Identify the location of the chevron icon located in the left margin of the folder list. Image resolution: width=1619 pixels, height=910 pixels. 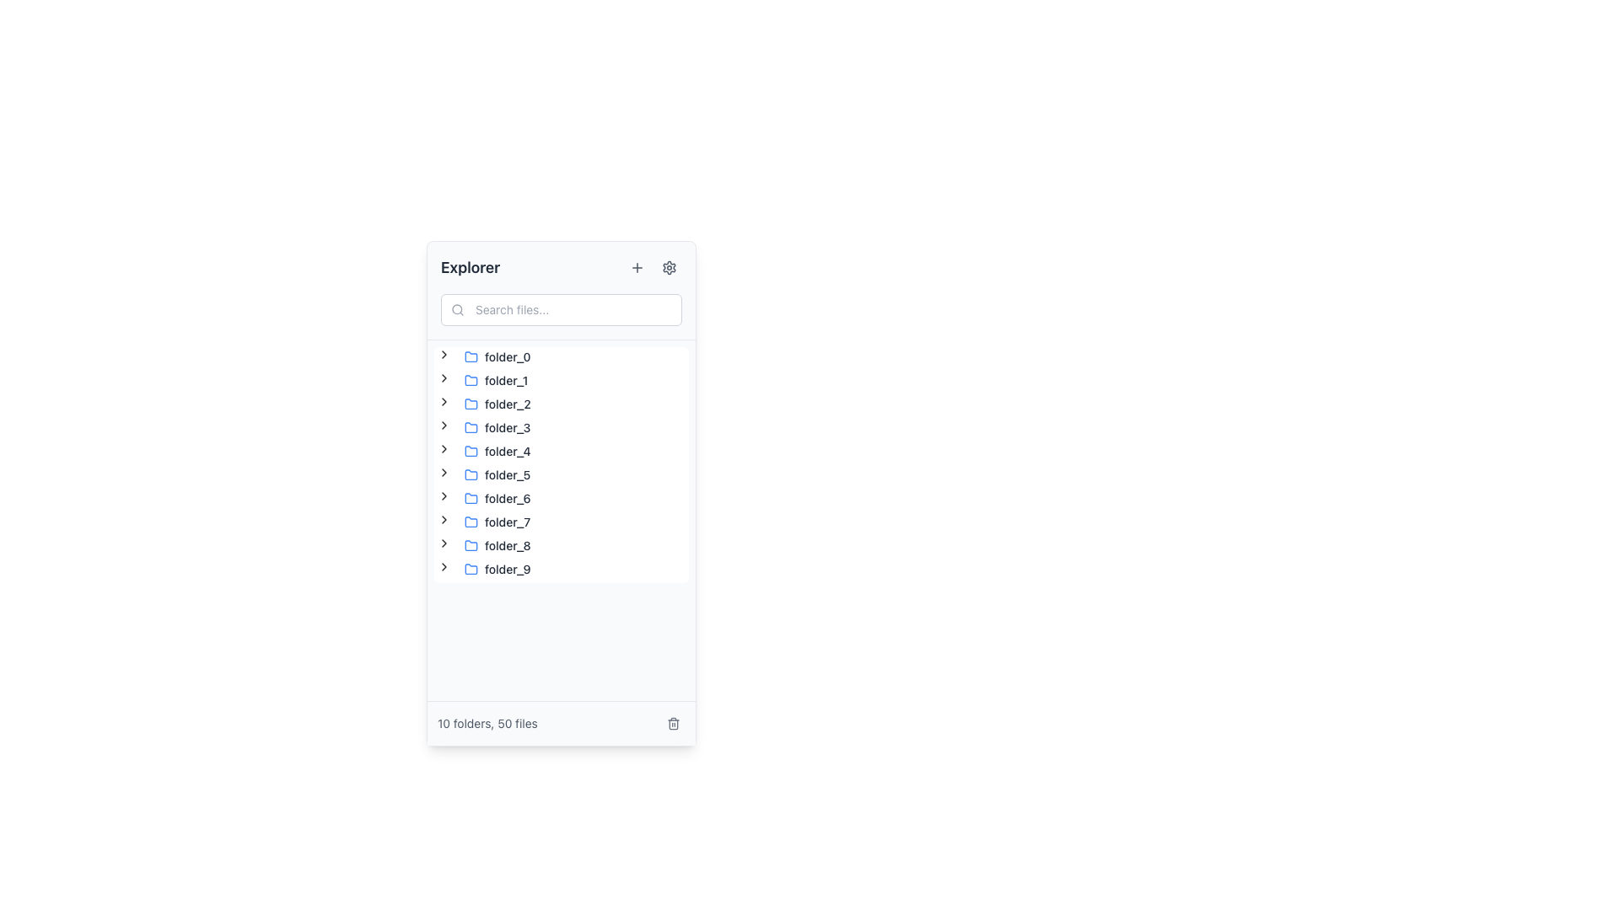
(444, 543).